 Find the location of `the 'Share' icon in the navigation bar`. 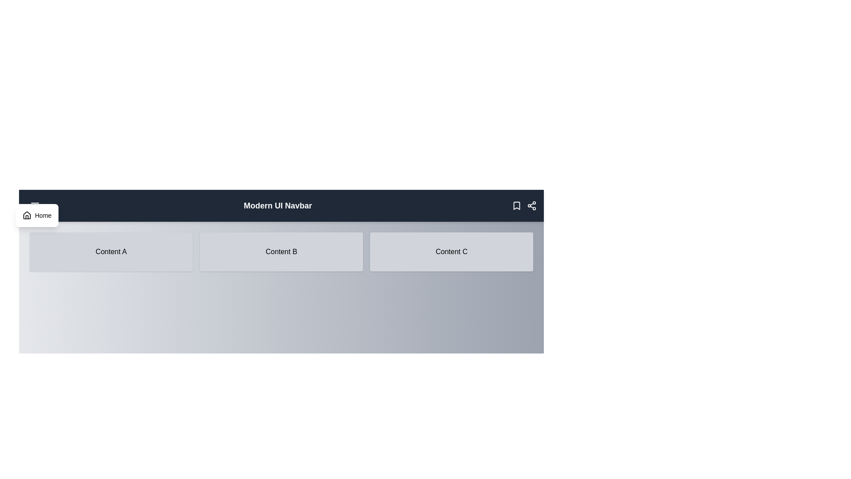

the 'Share' icon in the navigation bar is located at coordinates (532, 205).